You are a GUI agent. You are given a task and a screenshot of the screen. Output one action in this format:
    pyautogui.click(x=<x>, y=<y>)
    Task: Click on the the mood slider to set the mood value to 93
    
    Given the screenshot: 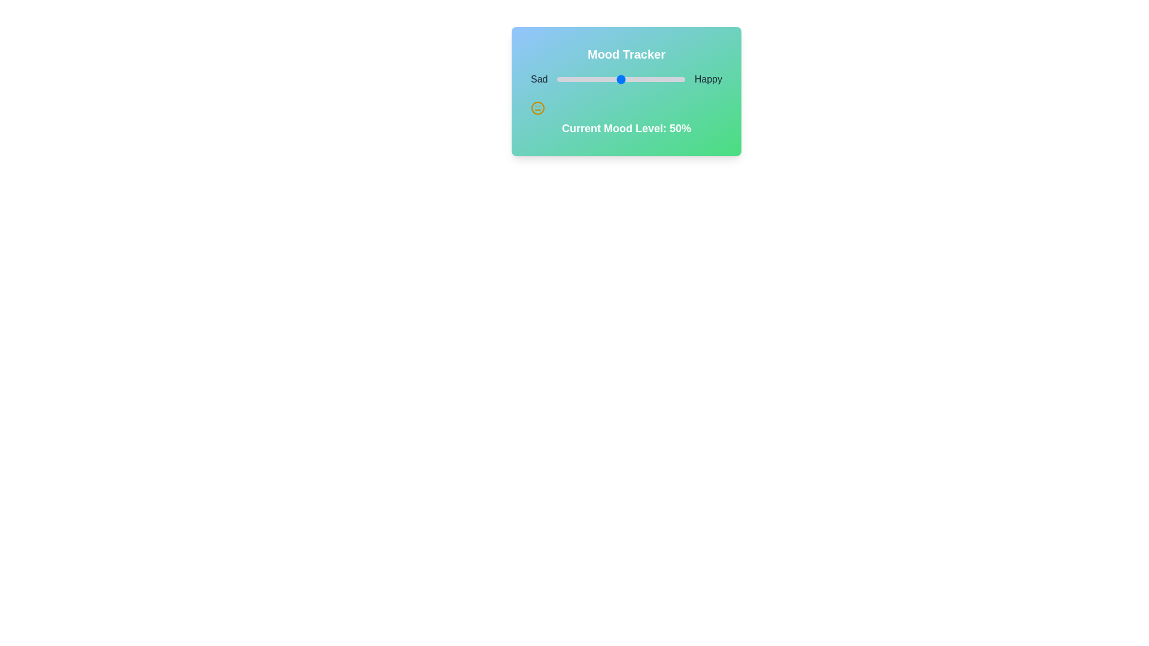 What is the action you would take?
    pyautogui.click(x=676, y=79)
    